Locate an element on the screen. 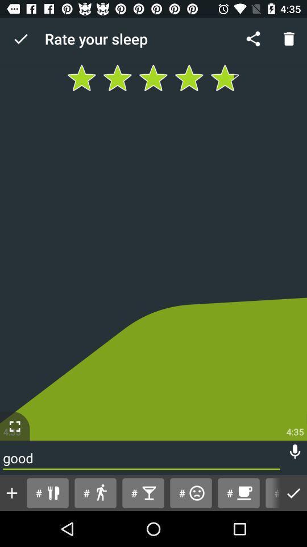 This screenshot has height=547, width=307. the microphone icon is located at coordinates (294, 452).